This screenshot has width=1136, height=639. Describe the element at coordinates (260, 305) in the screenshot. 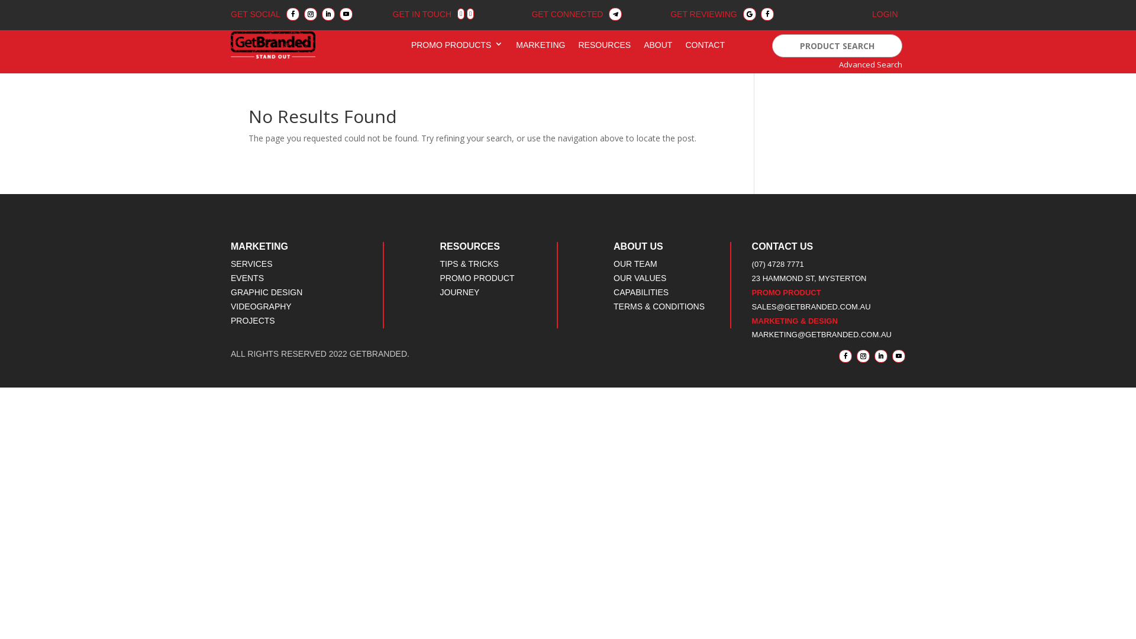

I see `'VIDEOGRAPHY'` at that location.